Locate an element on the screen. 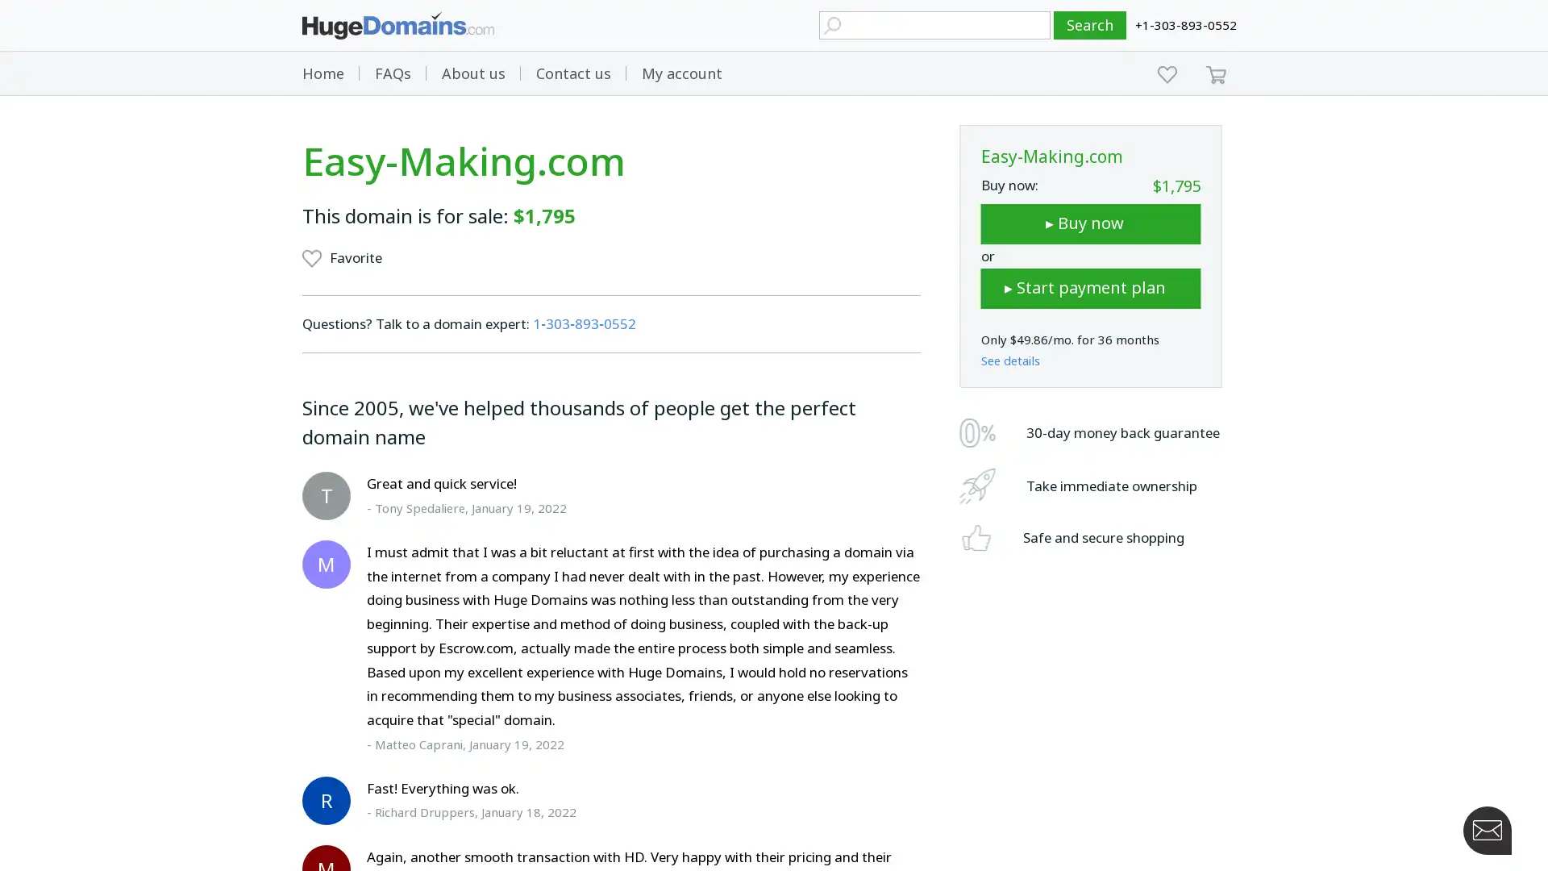  Search is located at coordinates (1090, 25).